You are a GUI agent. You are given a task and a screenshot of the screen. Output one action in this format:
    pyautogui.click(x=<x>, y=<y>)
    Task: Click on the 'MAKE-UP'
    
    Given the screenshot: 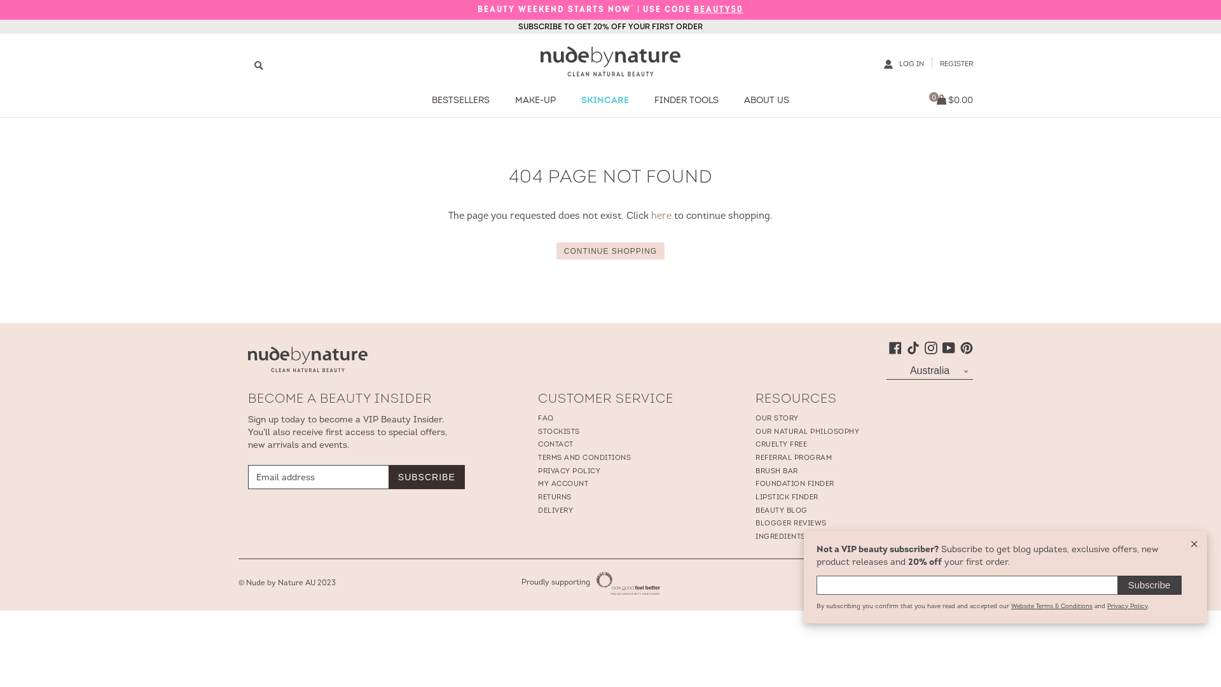 What is the action you would take?
    pyautogui.click(x=502, y=99)
    